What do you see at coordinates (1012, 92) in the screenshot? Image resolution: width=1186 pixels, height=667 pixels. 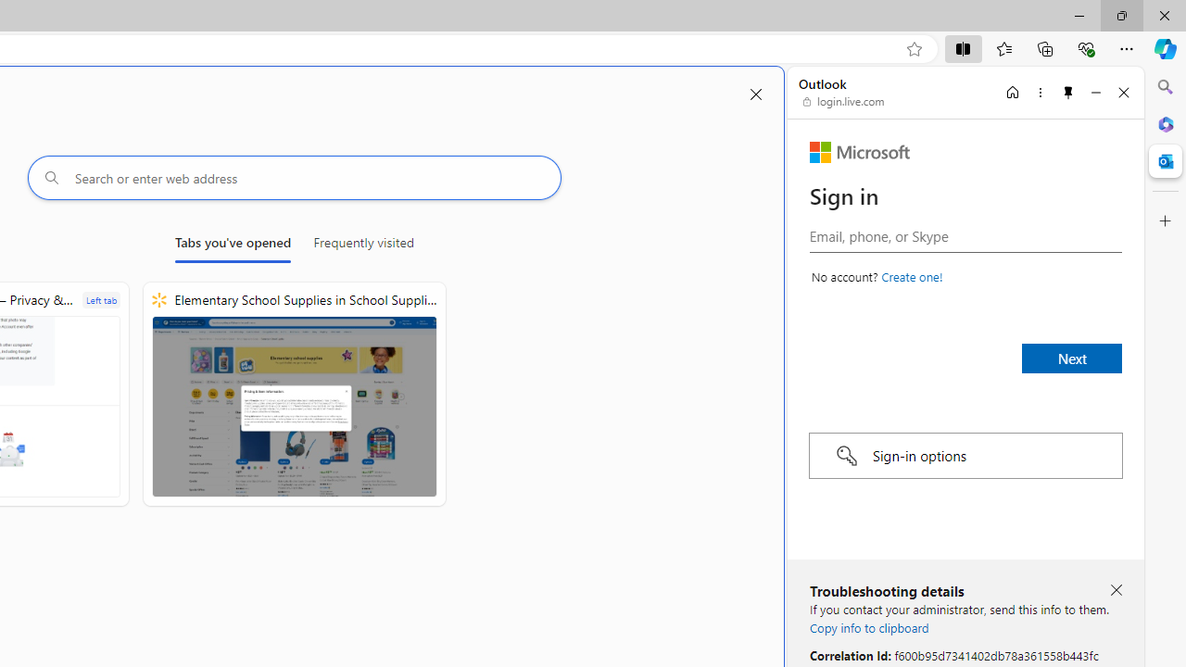 I see `'Home'` at bounding box center [1012, 92].